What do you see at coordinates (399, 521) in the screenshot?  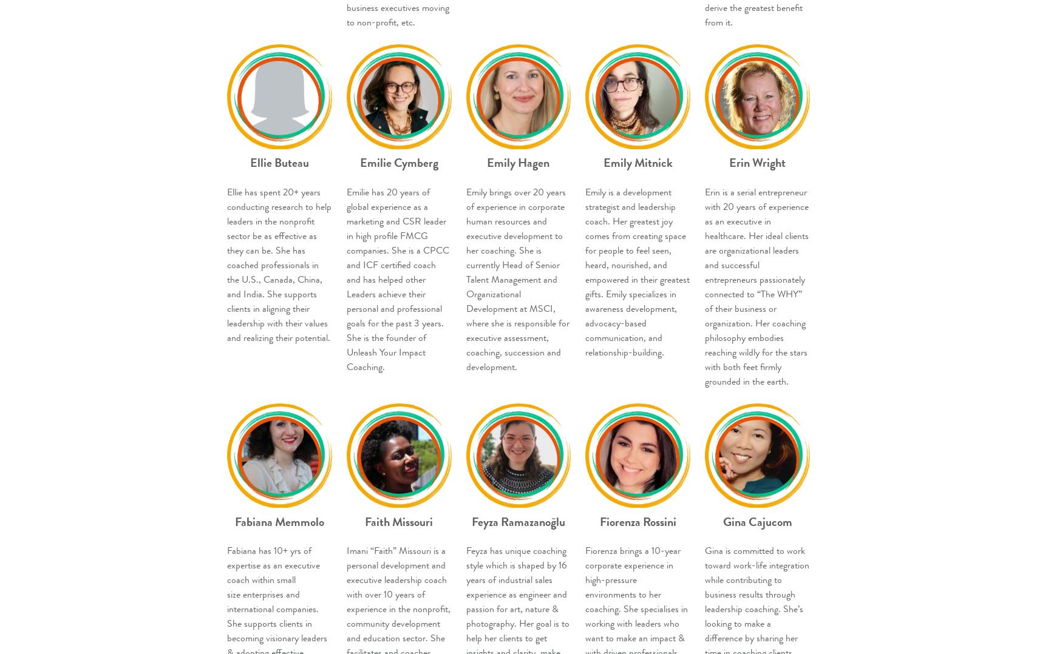 I see `'Faith Missouri'` at bounding box center [399, 521].